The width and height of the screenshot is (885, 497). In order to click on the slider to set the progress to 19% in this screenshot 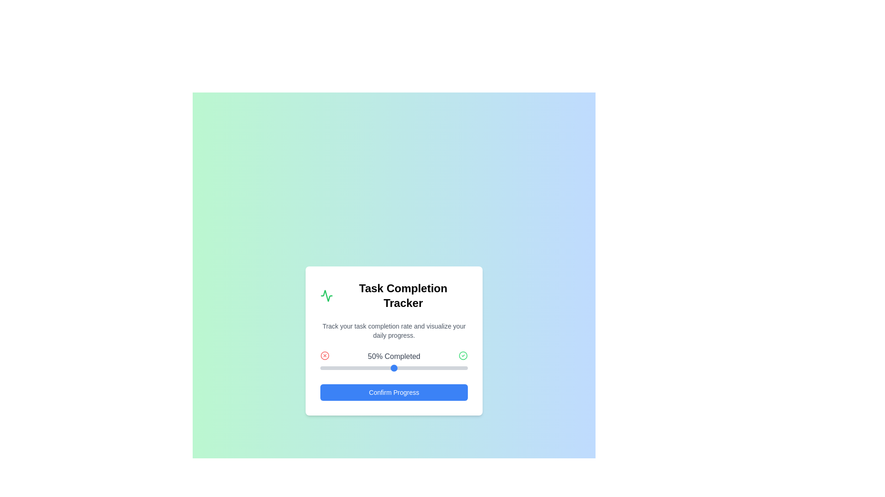, I will do `click(348, 367)`.